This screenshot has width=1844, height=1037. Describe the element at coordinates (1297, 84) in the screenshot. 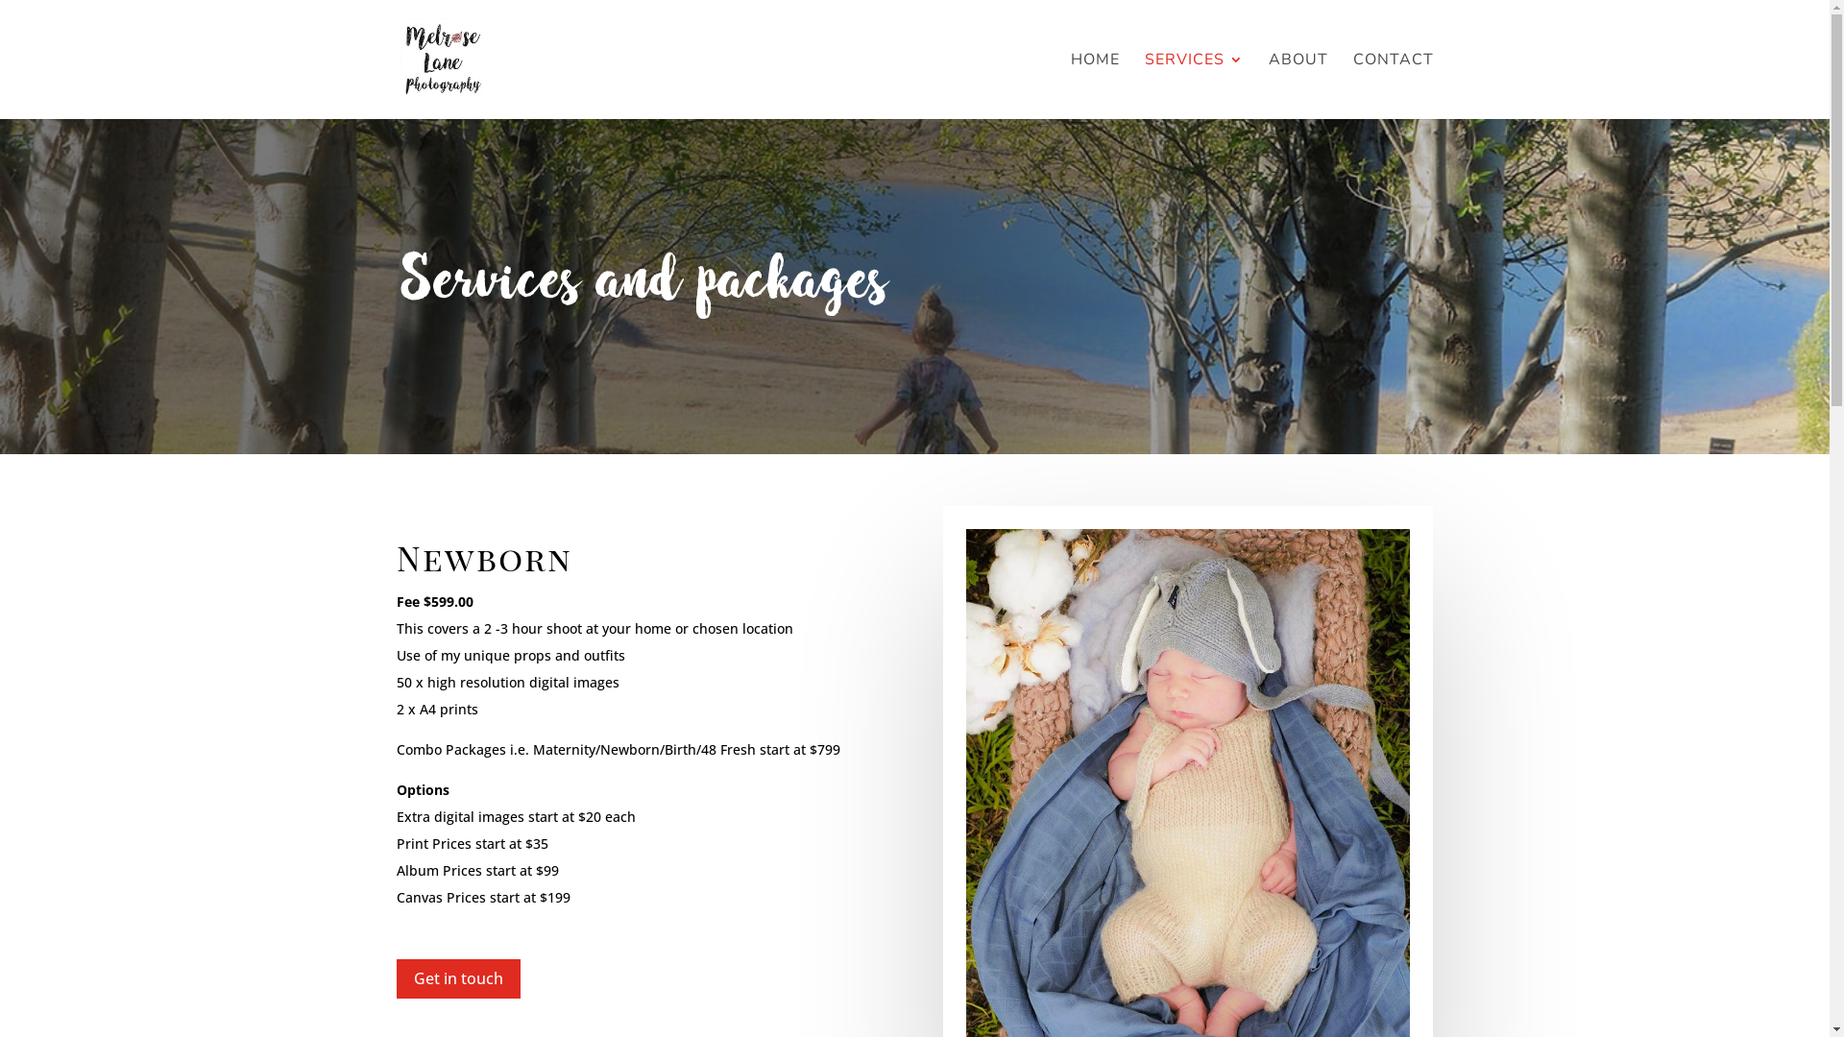

I see `'ABOUT'` at that location.